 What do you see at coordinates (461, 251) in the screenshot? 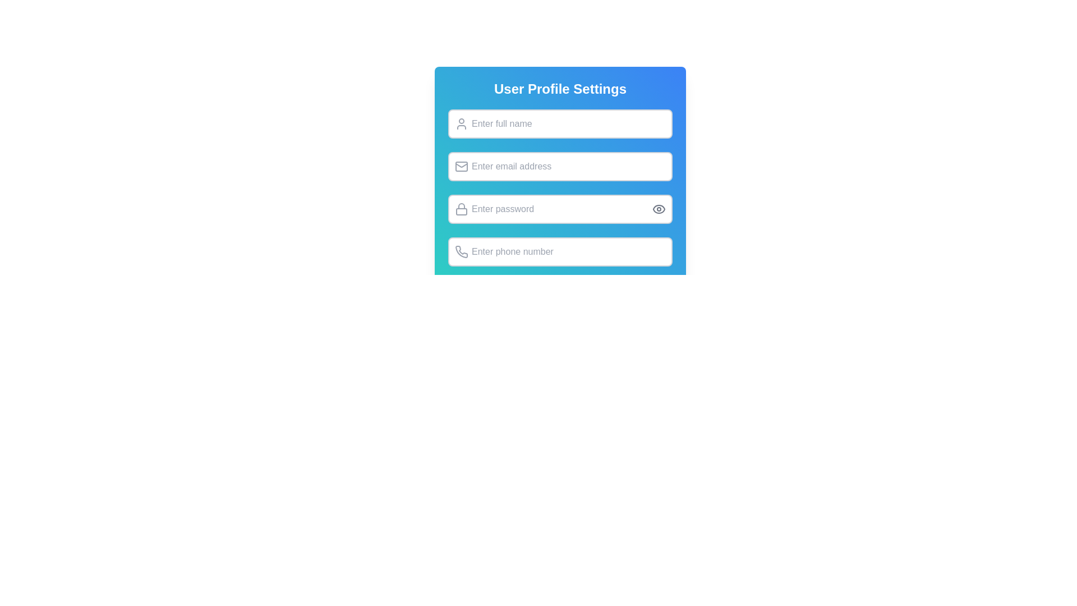
I see `the small gray phone icon located to the left of the 'Enter phone number' text input field in the 'User Profile Settings' form` at bounding box center [461, 251].